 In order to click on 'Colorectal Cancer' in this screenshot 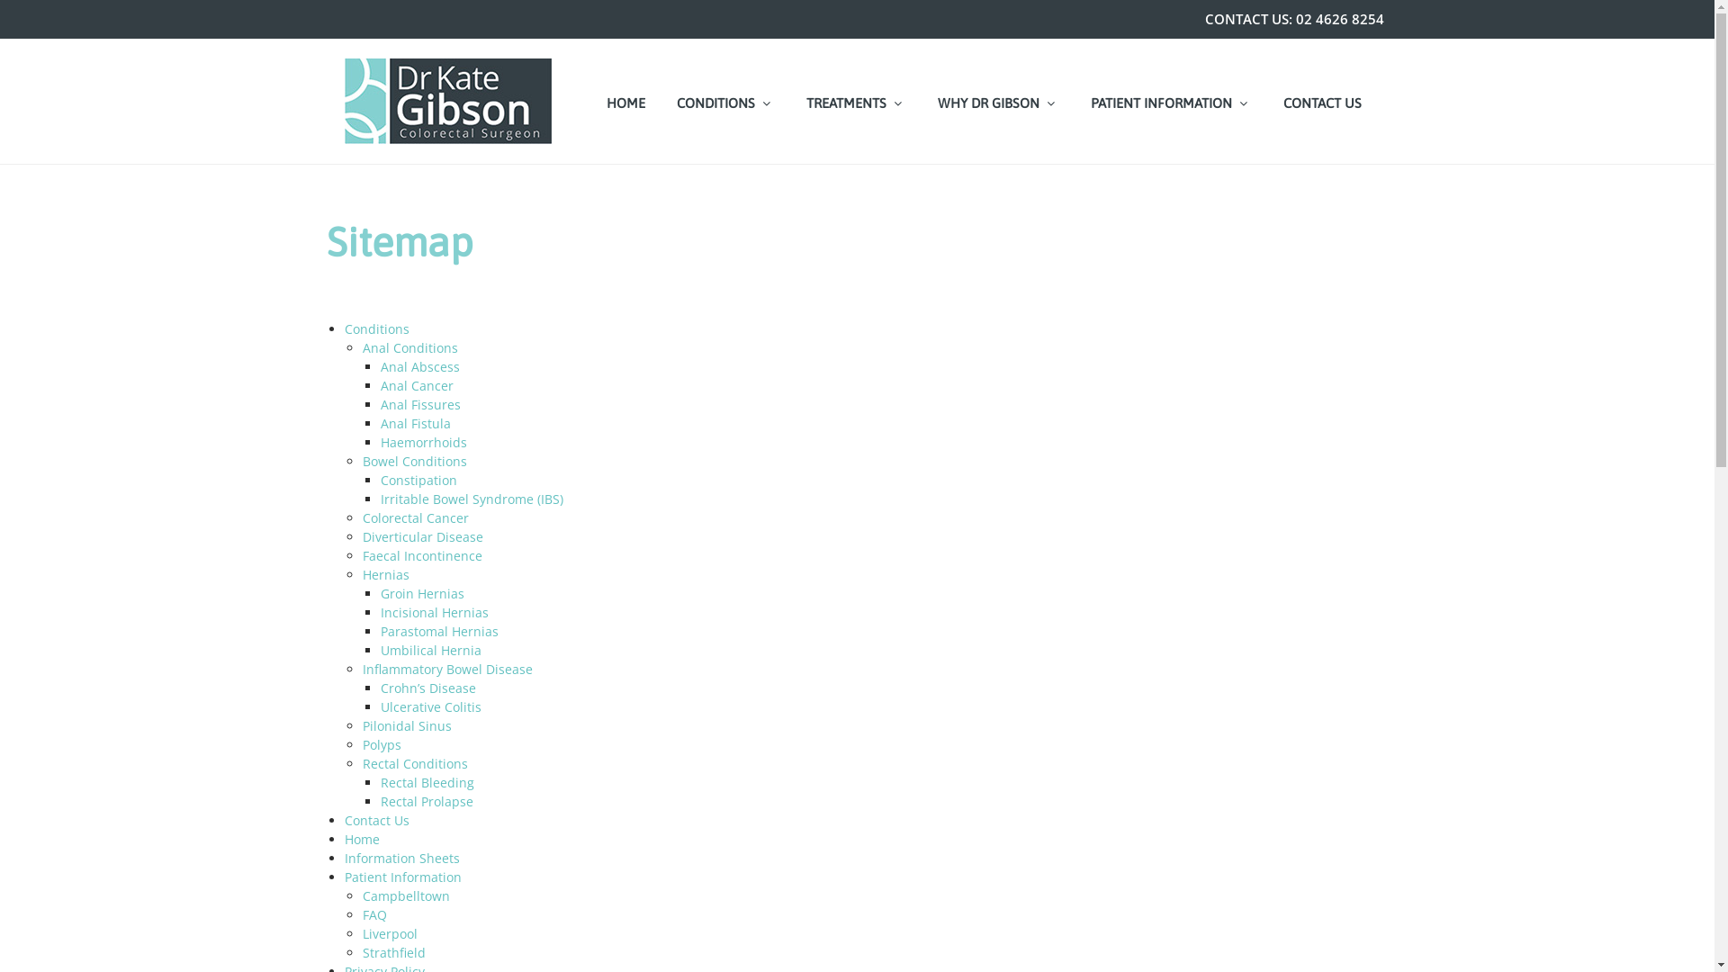, I will do `click(413, 517)`.